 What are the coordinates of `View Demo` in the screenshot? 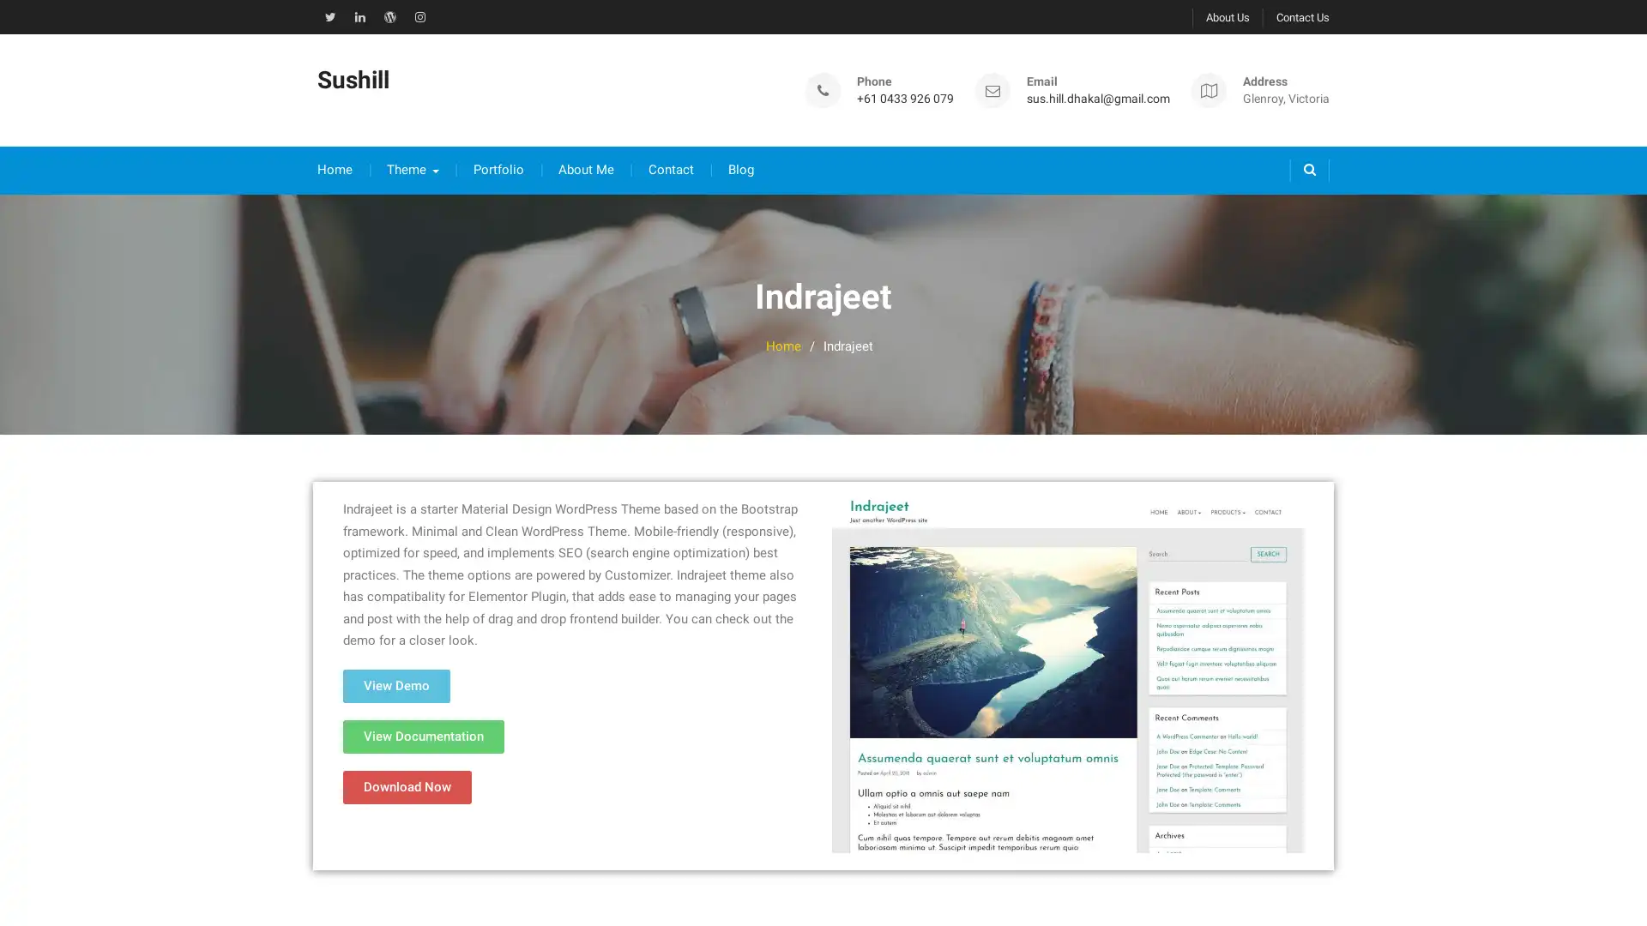 It's located at (395, 667).